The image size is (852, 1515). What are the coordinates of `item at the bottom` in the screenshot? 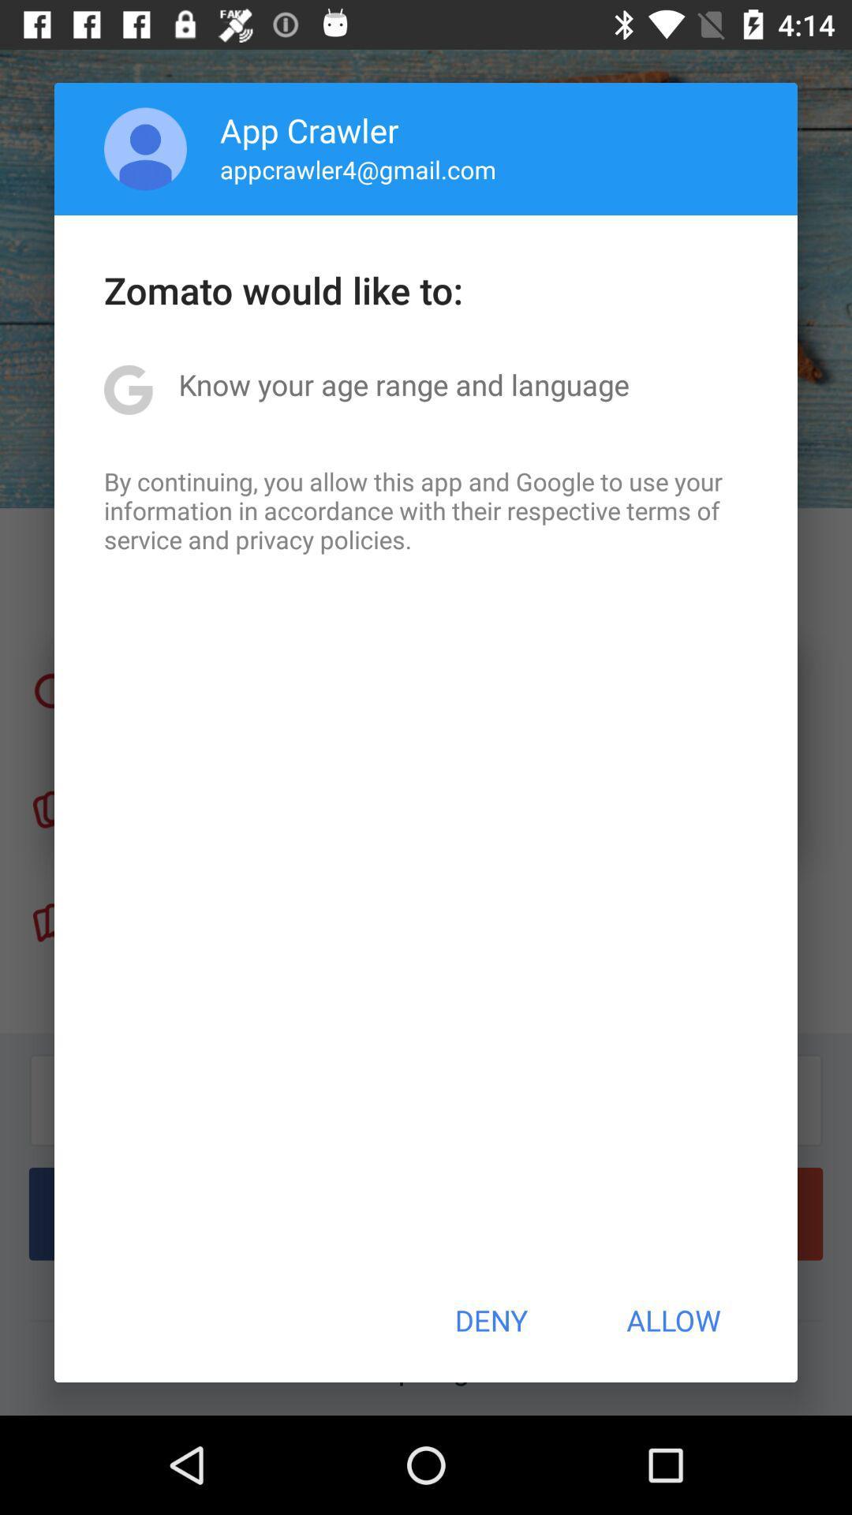 It's located at (490, 1320).